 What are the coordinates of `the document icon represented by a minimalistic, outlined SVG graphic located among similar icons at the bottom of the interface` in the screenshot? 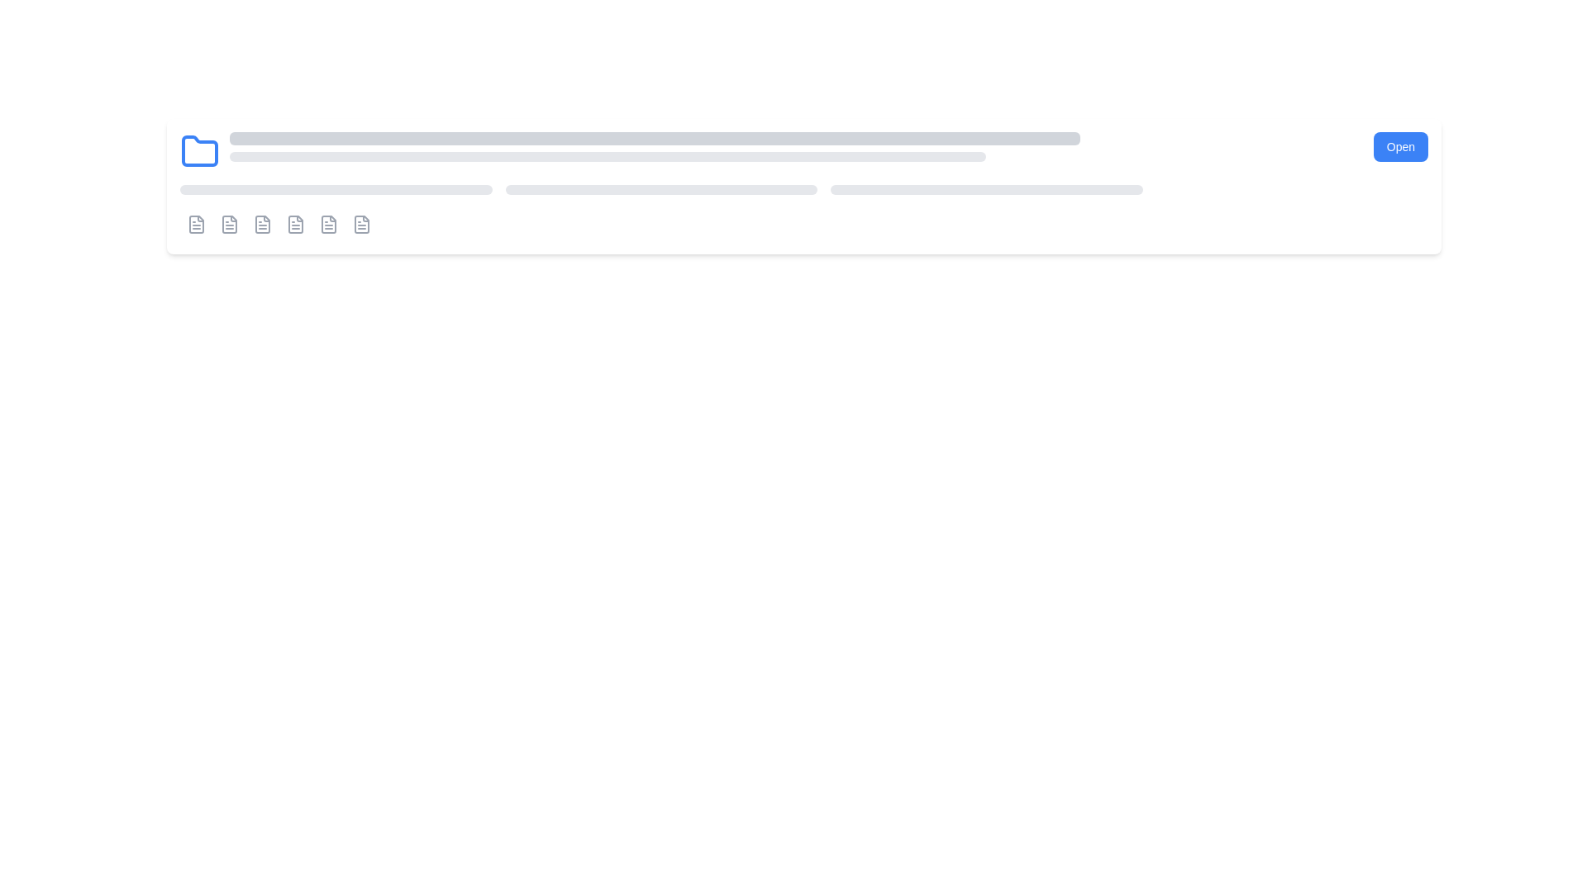 It's located at (261, 225).